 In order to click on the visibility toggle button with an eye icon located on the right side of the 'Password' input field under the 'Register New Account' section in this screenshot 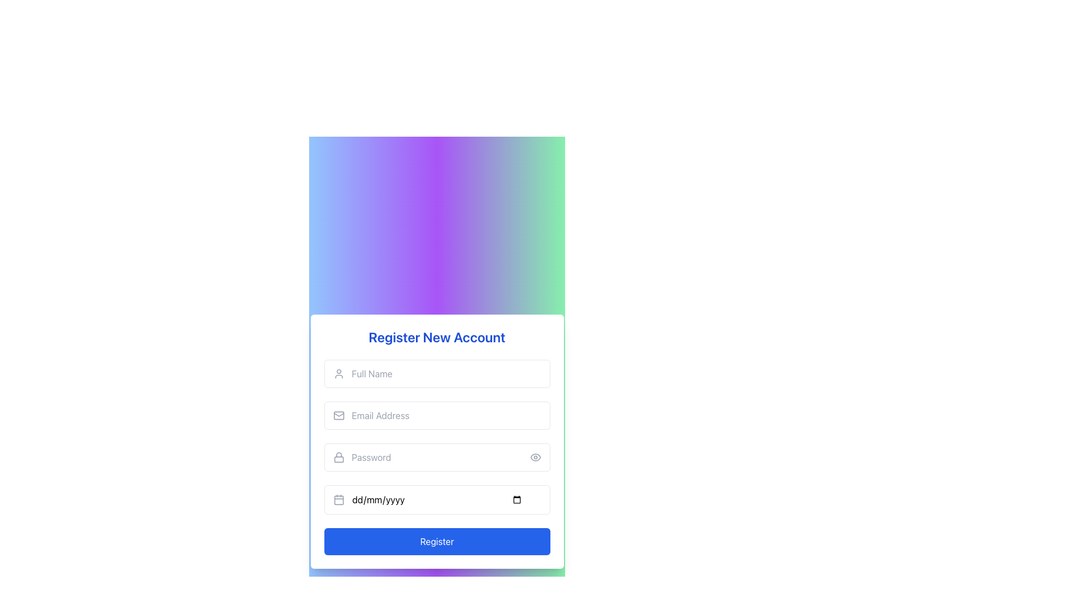, I will do `click(535, 457)`.